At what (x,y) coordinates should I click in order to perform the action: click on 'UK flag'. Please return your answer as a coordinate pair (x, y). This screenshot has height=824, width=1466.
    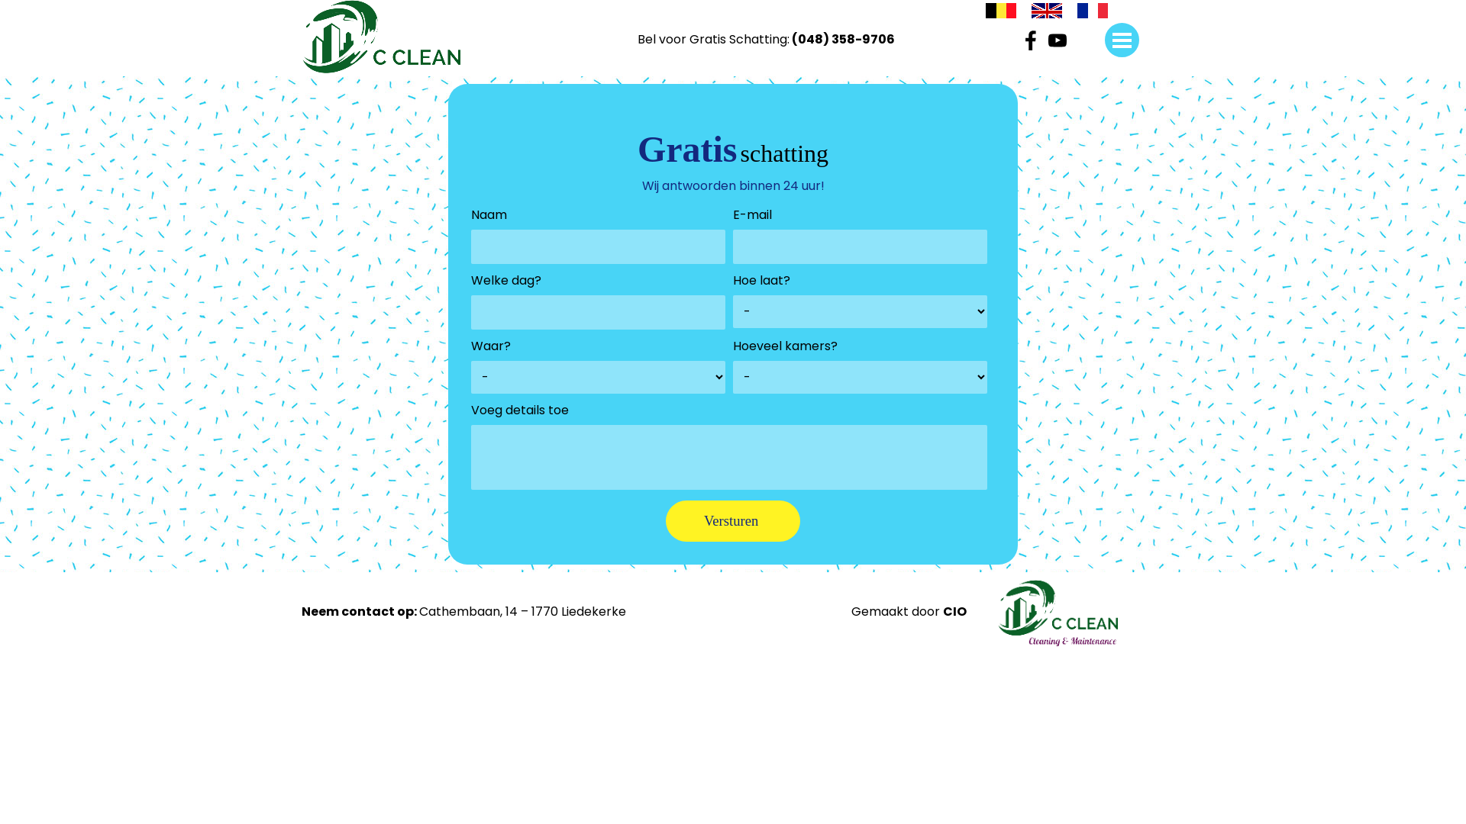
    Looking at the image, I should click on (1046, 11).